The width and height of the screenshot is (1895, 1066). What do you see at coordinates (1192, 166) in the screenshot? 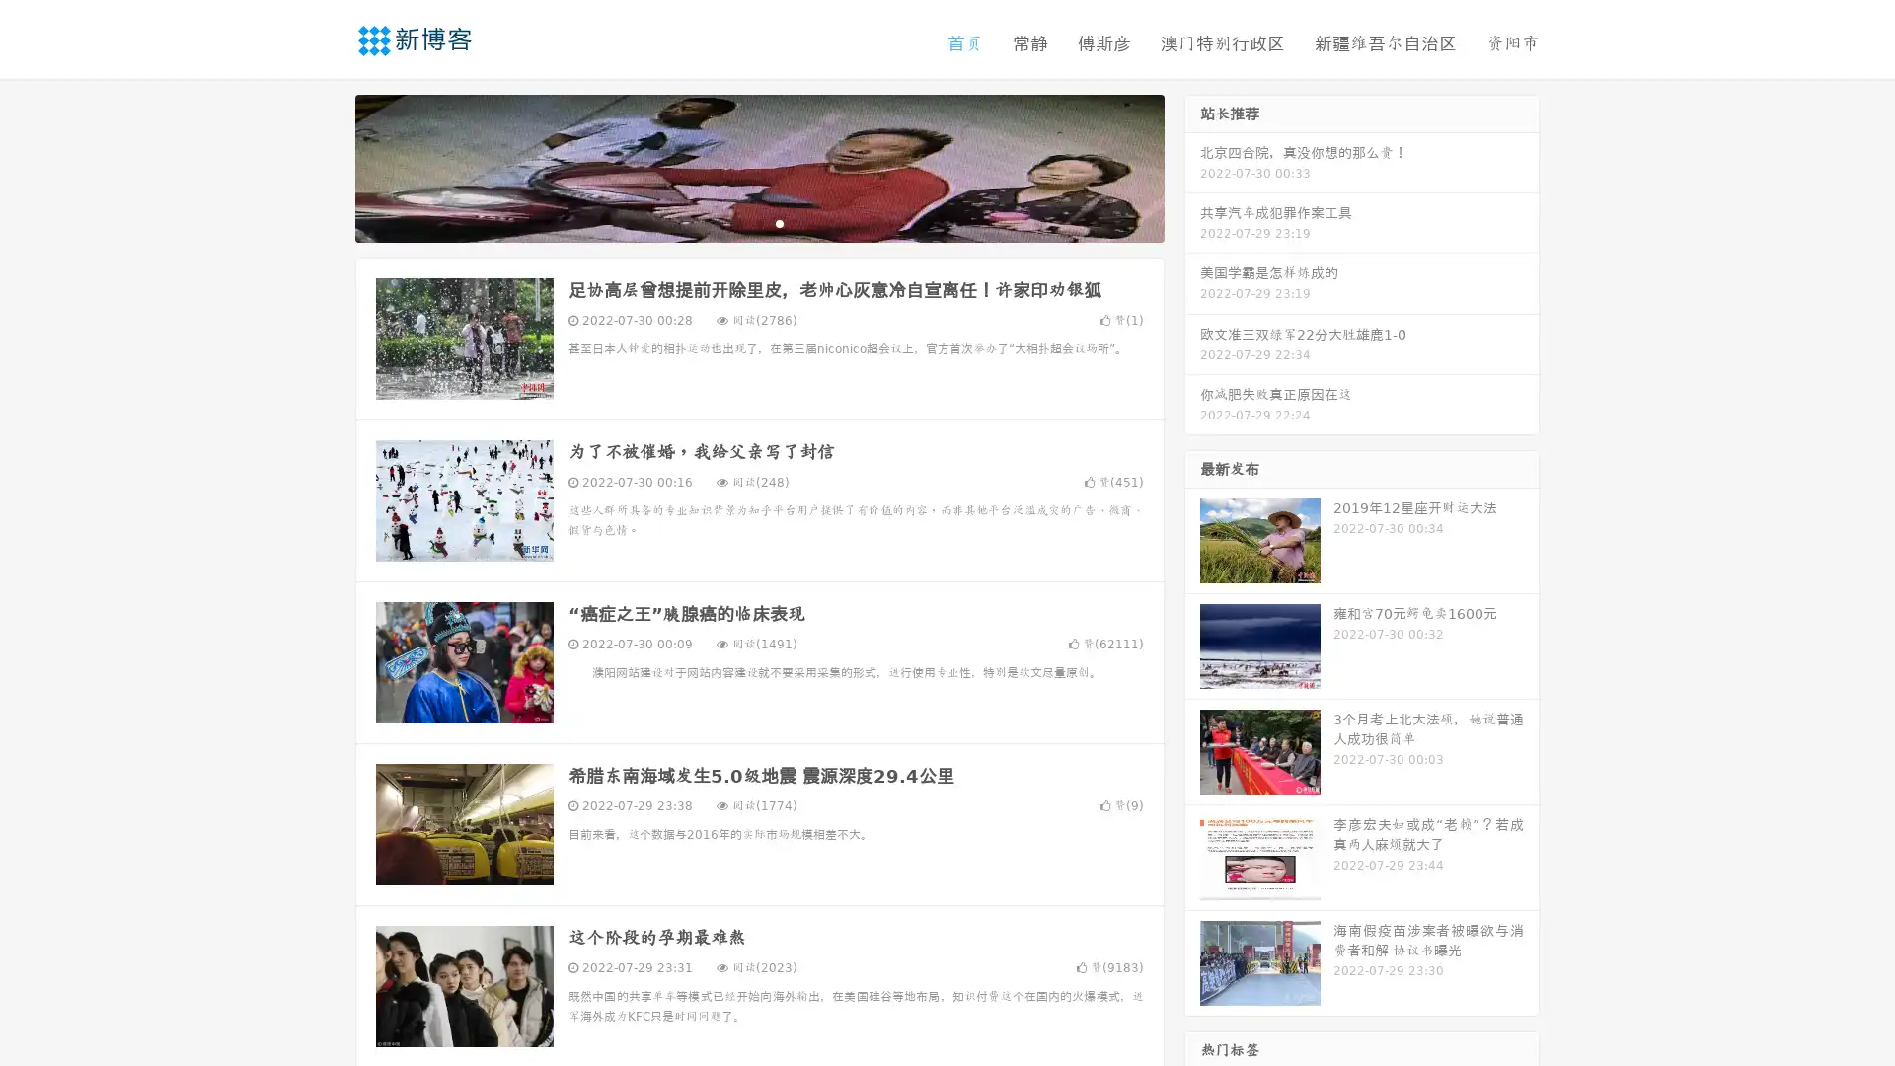
I see `Next slide` at bounding box center [1192, 166].